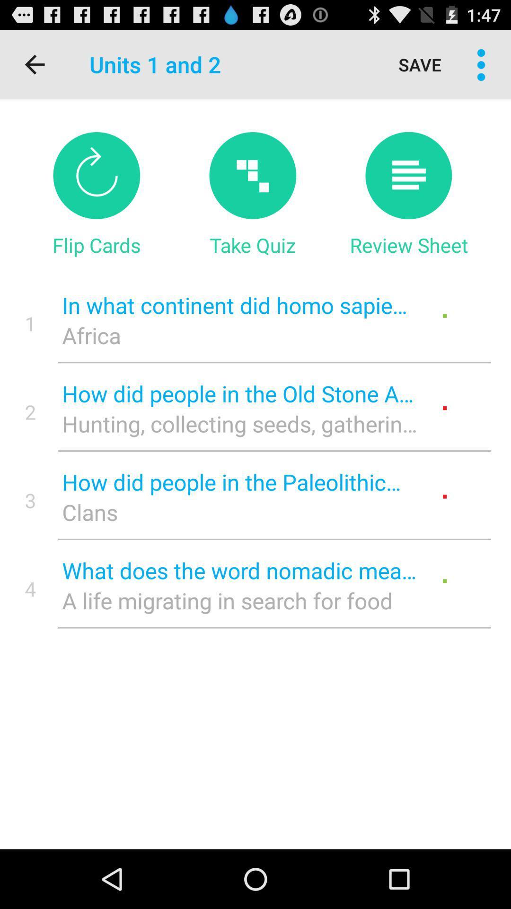  What do you see at coordinates (252, 175) in the screenshot?
I see `the icon above take quiz` at bounding box center [252, 175].